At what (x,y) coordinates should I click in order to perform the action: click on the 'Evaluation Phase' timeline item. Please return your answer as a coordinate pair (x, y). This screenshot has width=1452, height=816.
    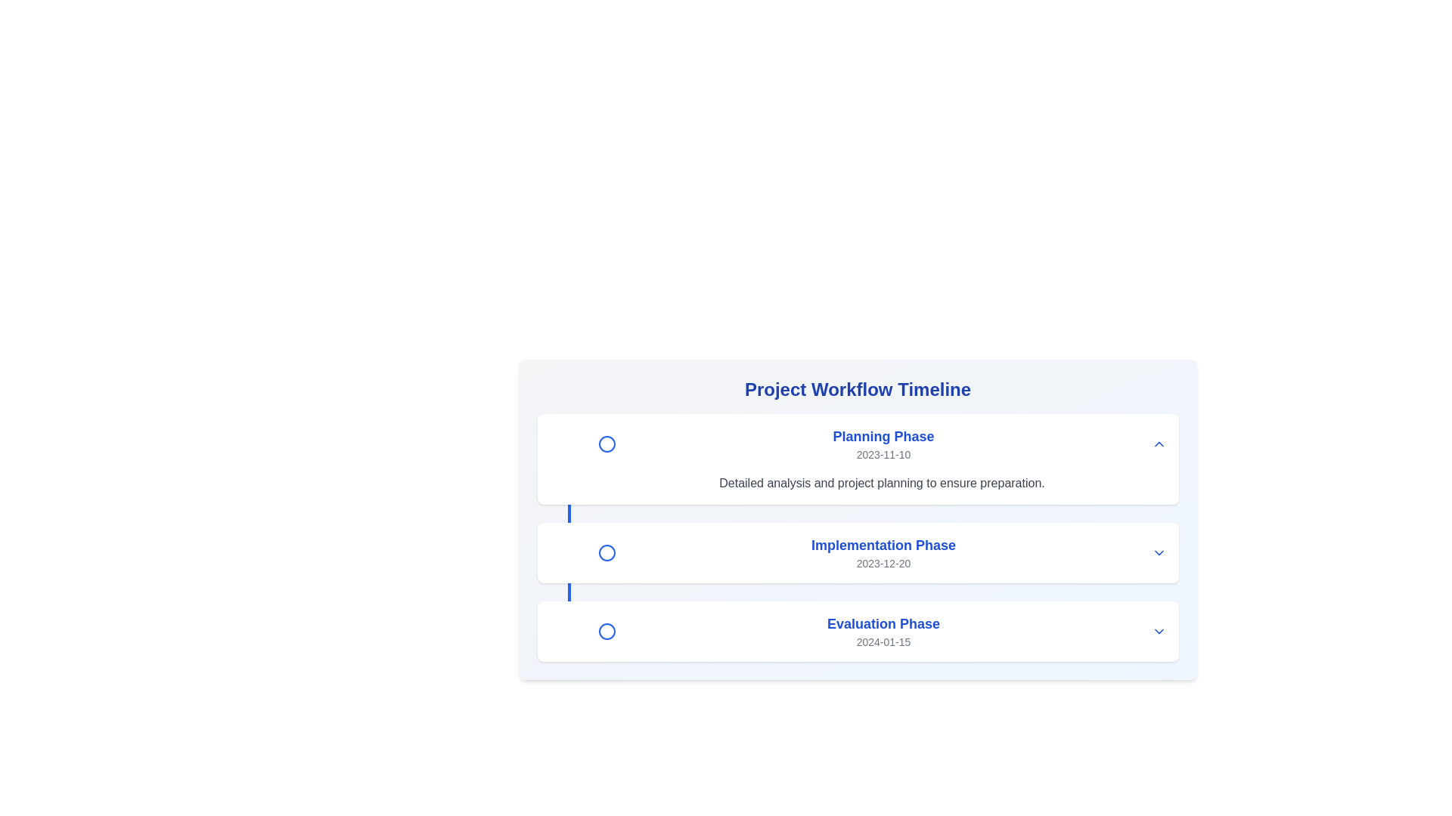
    Looking at the image, I should click on (882, 632).